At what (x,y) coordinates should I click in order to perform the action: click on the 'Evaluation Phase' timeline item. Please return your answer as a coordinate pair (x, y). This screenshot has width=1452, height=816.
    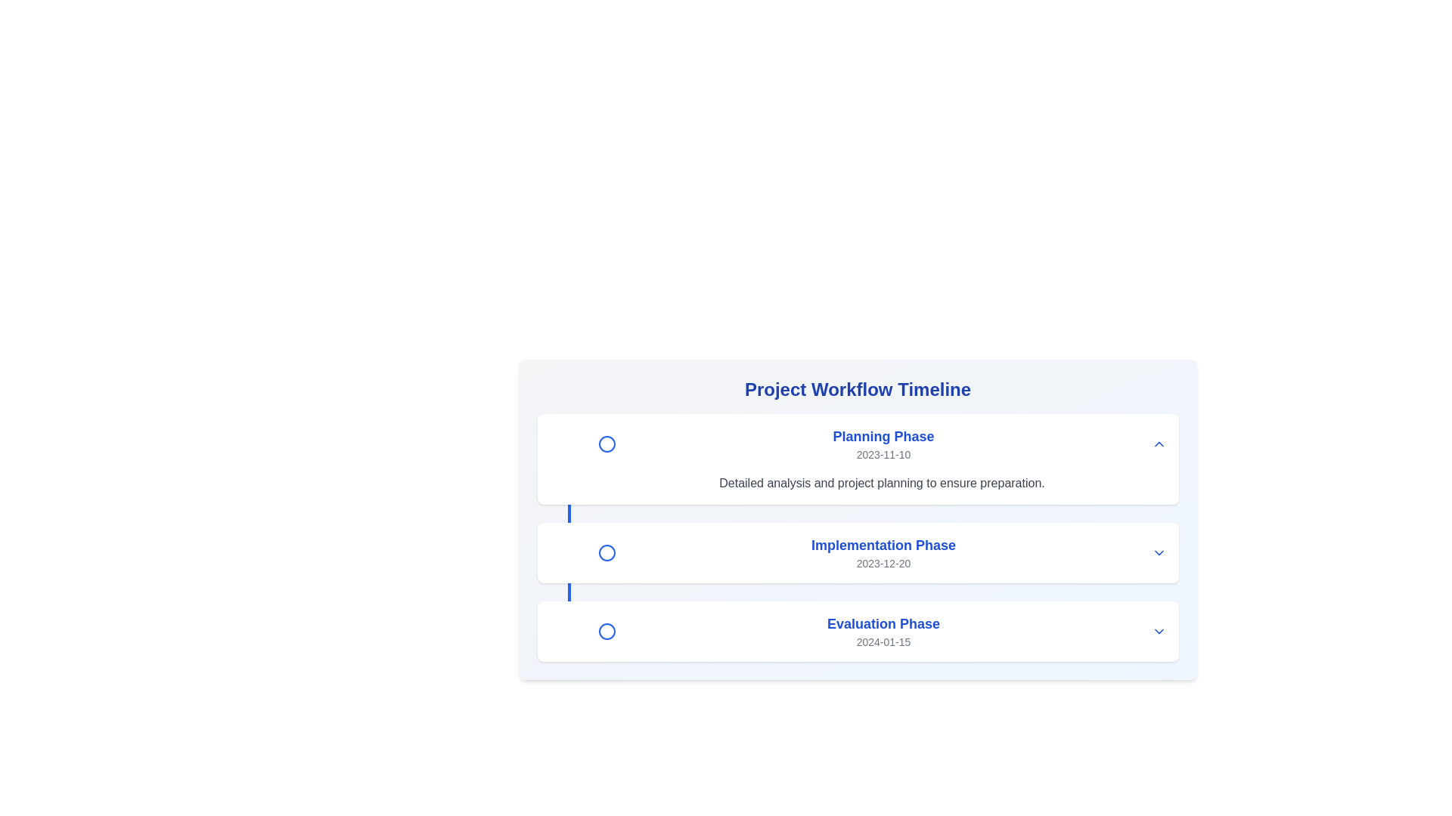
    Looking at the image, I should click on (882, 632).